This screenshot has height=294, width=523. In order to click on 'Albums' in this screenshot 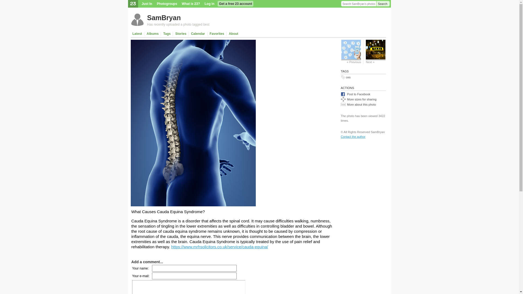, I will do `click(153, 33)`.